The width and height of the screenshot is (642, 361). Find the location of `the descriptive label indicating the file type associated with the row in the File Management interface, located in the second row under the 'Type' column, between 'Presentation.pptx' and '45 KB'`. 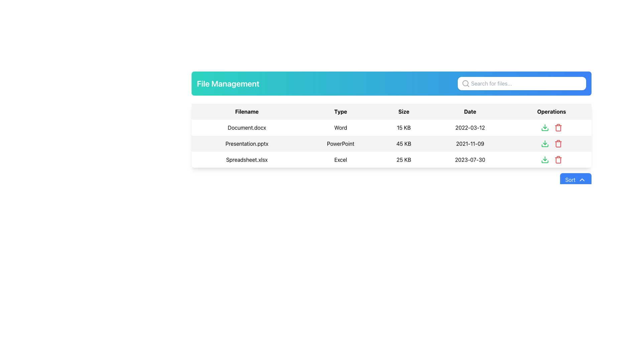

the descriptive label indicating the file type associated with the row in the File Management interface, located in the second row under the 'Type' column, between 'Presentation.pptx' and '45 KB' is located at coordinates (340, 143).